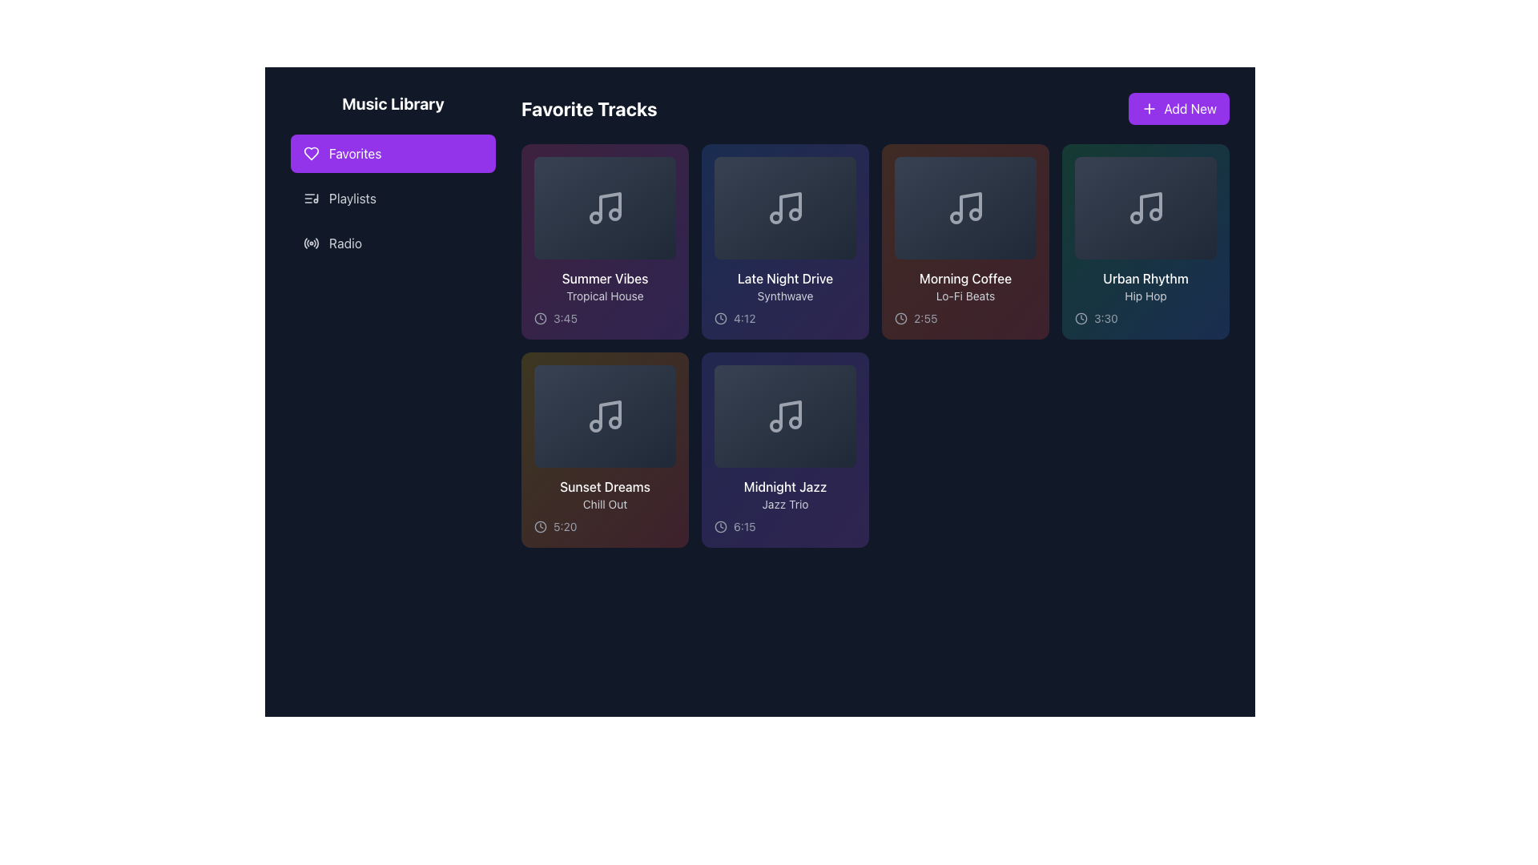 The width and height of the screenshot is (1538, 865). I want to click on the clock icon, which is a minimalistic grayish circular outline with clock hands, located to the left of the text displaying '6:15', so click(720, 527).